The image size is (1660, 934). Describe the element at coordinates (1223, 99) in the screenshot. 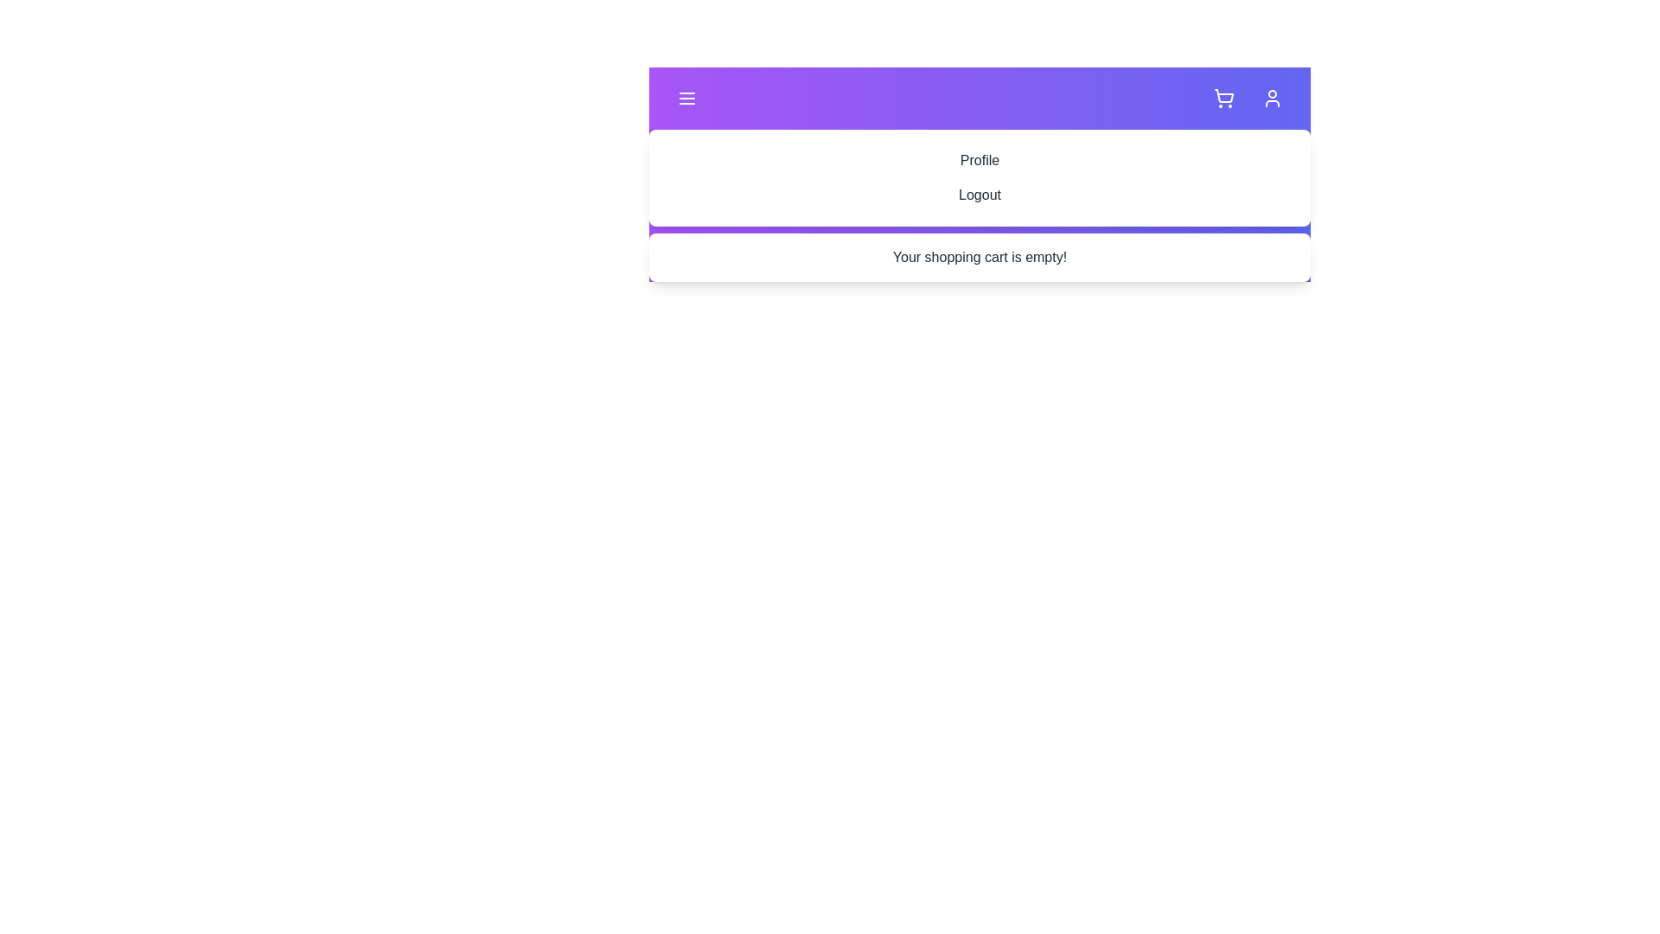

I see `shopping cart icon to toggle the visibility of the shopping cart` at that location.